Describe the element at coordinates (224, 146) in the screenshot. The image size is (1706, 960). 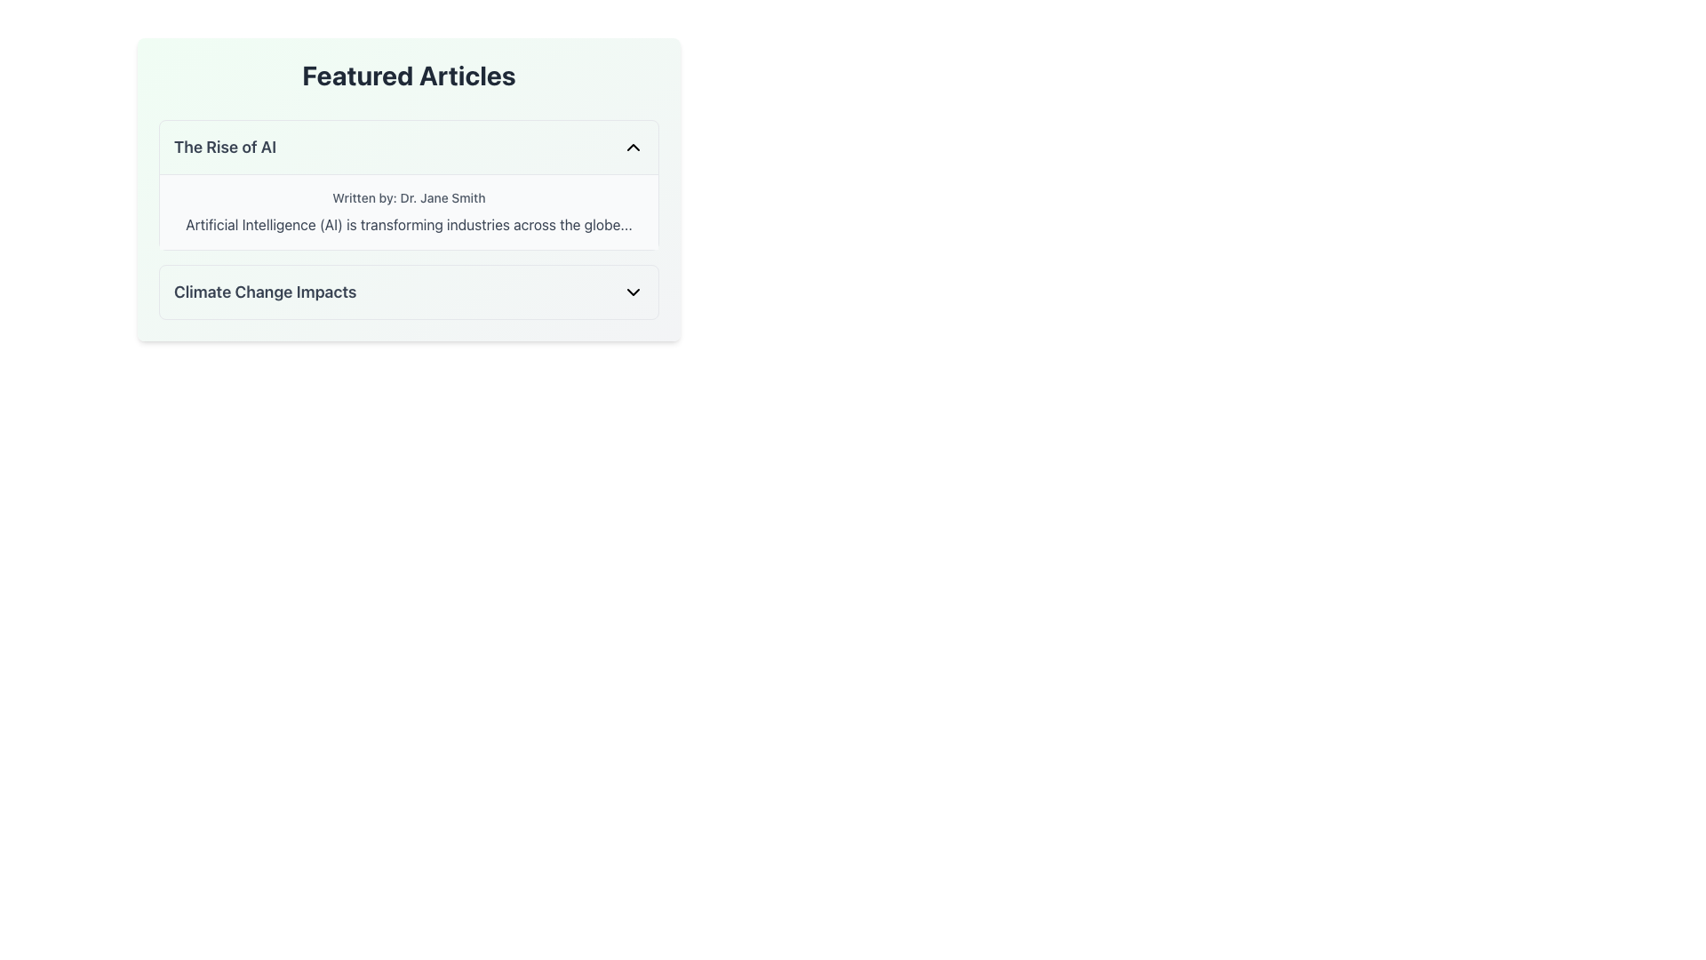
I see `text label that says 'The Rise of AI', which is prominently displayed in a medium-sized, bold font on a light background` at that location.